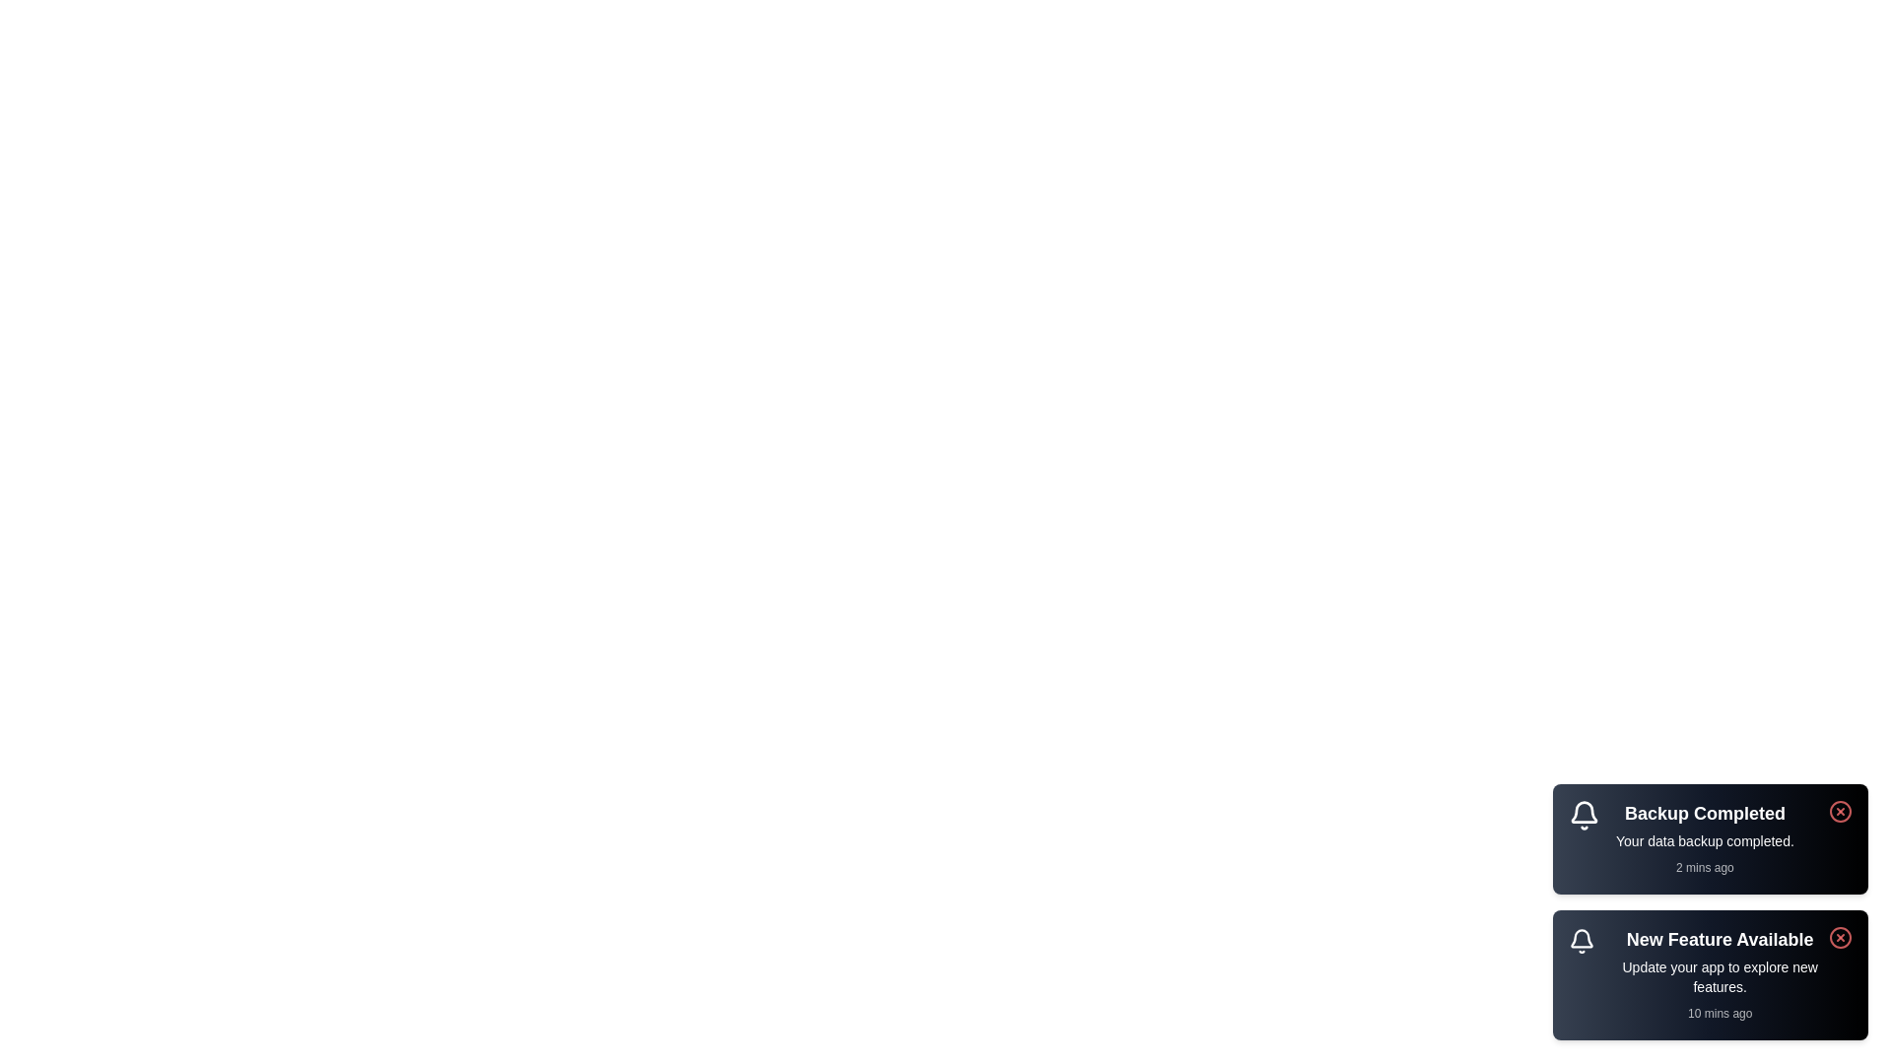  I want to click on the icon next to the snackbar message for New Feature Available, so click(1581, 941).